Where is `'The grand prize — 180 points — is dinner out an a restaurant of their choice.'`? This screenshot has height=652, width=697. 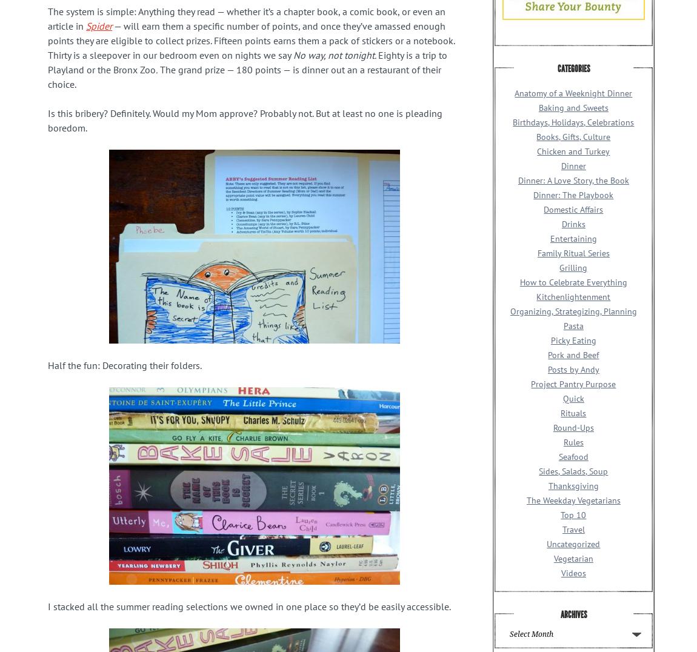 'The grand prize — 180 points — is dinner out an a restaurant of their choice.' is located at coordinates (47, 76).